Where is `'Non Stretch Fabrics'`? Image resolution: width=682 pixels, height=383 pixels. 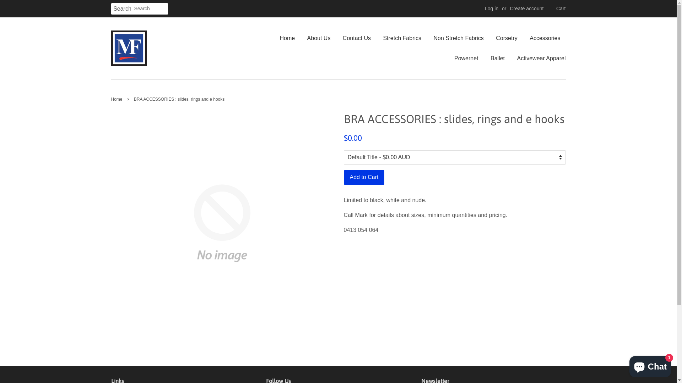 'Non Stretch Fabrics' is located at coordinates (458, 38).